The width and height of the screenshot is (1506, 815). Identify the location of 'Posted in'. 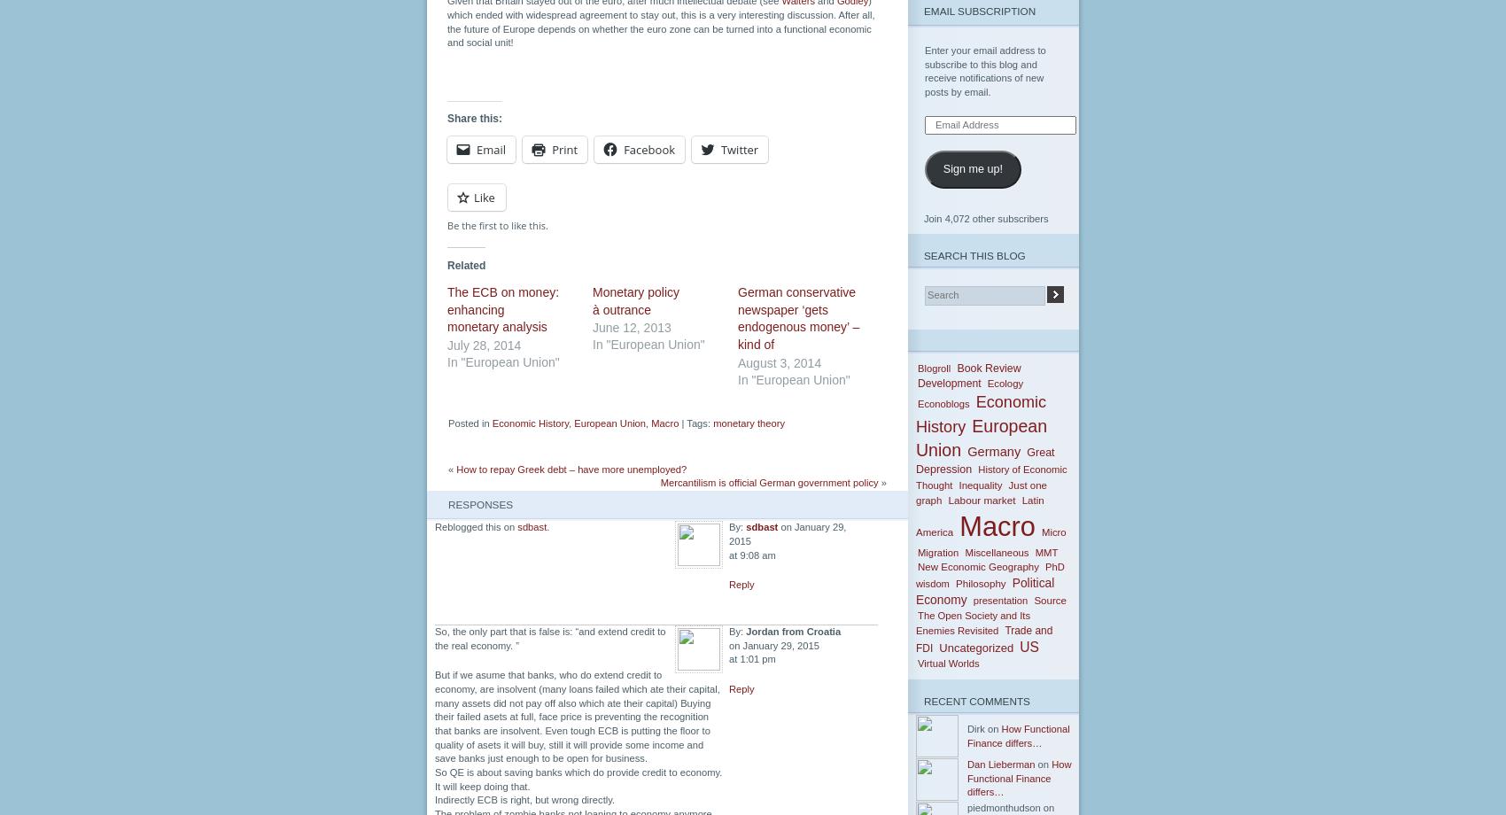
(470, 423).